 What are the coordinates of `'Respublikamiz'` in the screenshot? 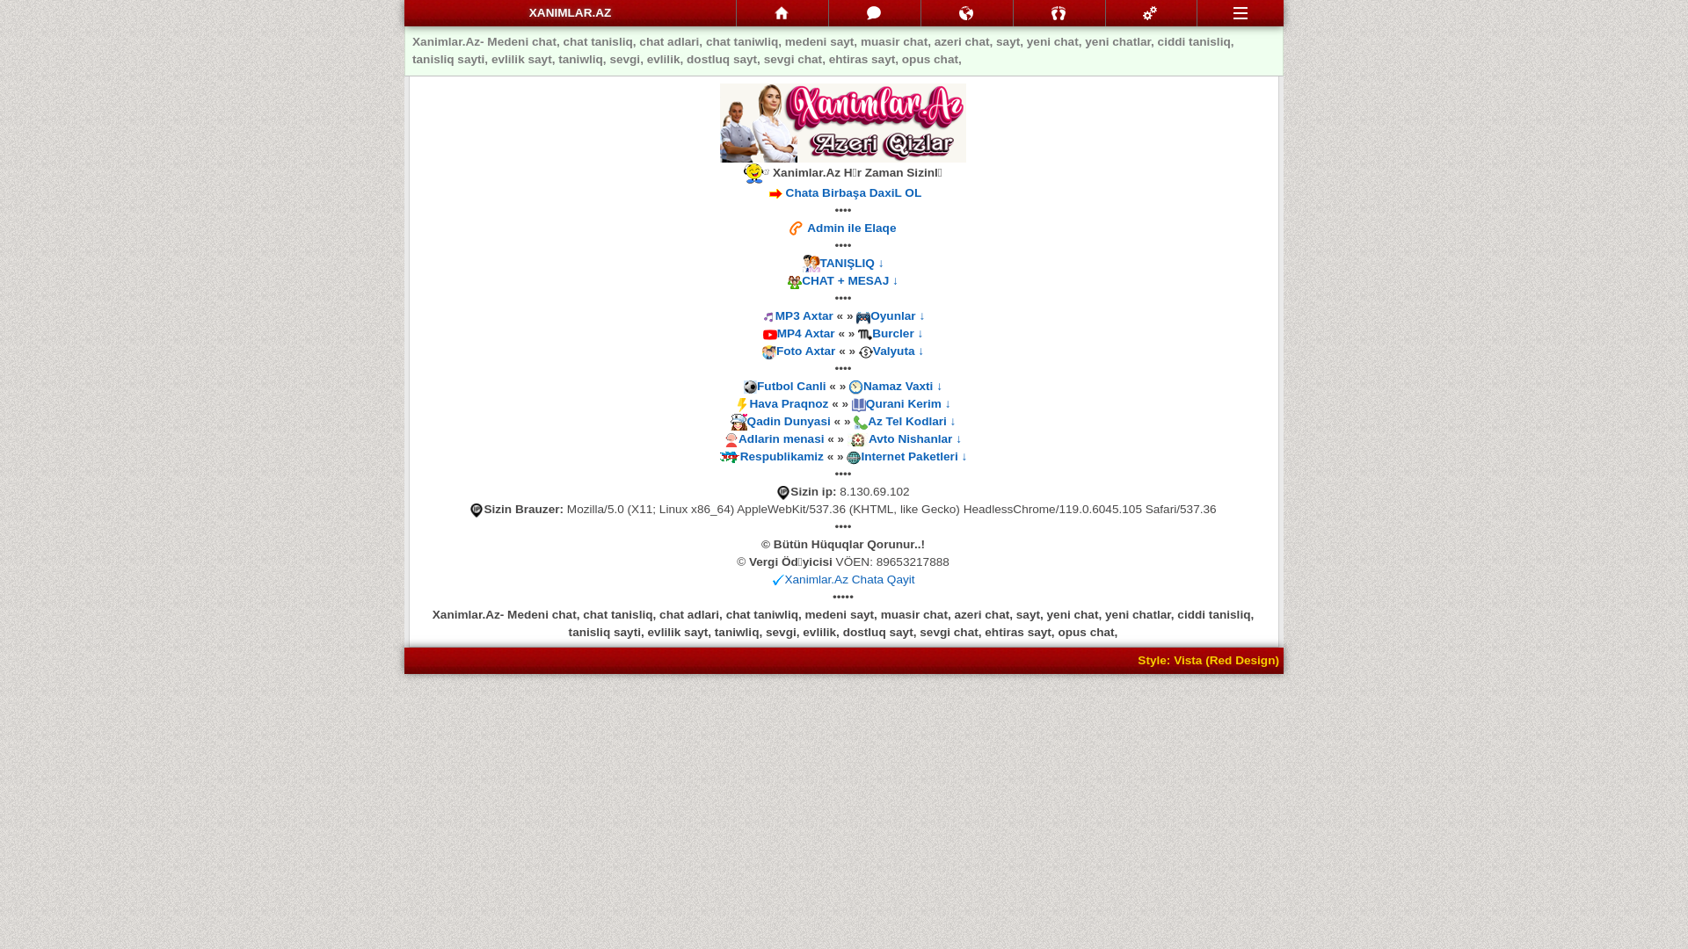 It's located at (781, 455).